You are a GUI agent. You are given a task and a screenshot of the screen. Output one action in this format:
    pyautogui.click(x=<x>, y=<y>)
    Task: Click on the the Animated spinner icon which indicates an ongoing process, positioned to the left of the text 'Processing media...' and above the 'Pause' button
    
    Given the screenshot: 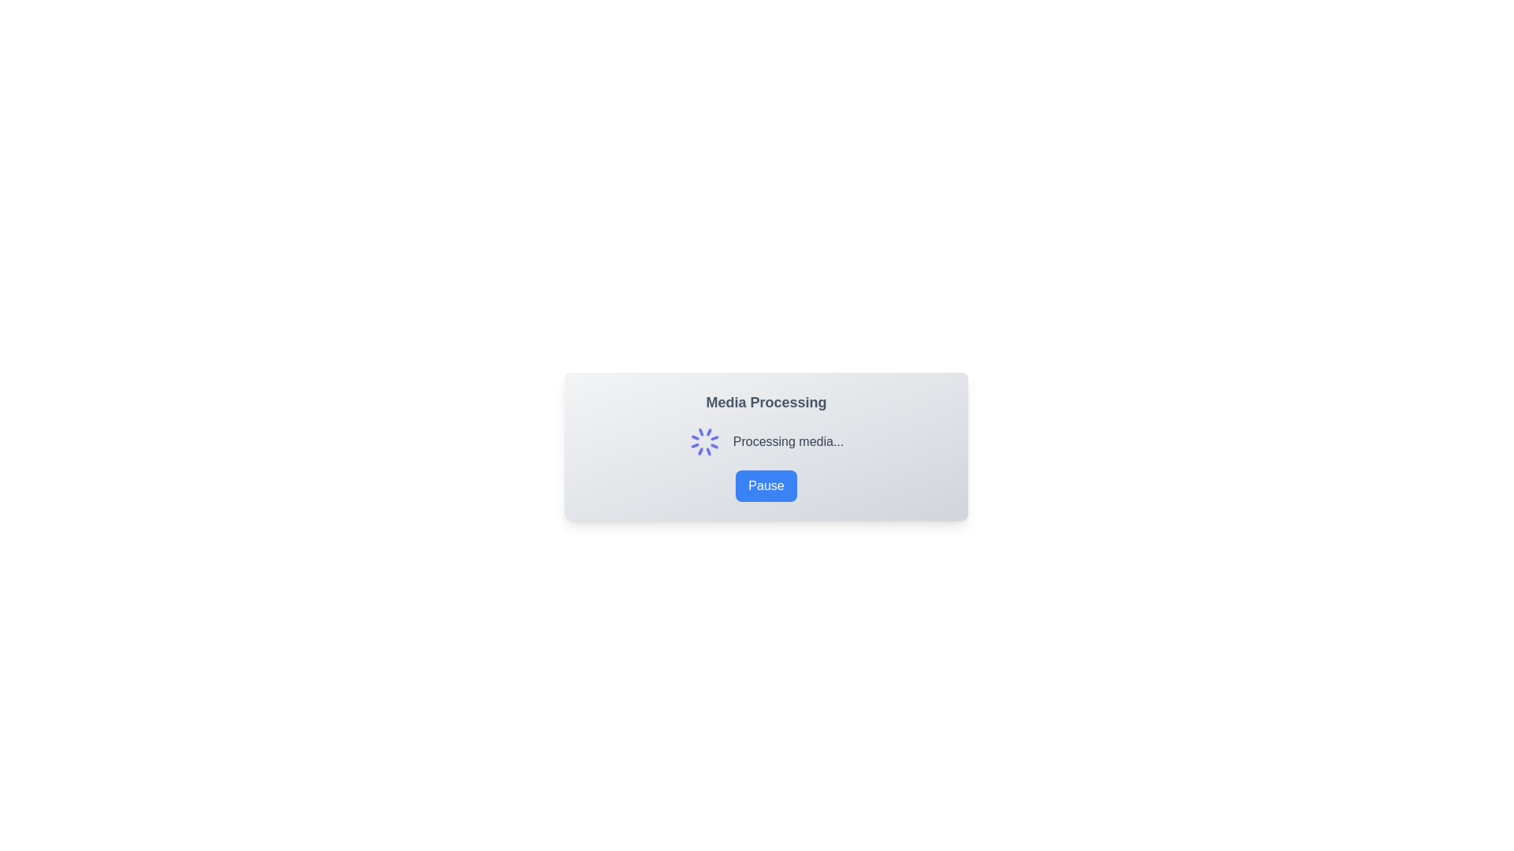 What is the action you would take?
    pyautogui.click(x=703, y=441)
    